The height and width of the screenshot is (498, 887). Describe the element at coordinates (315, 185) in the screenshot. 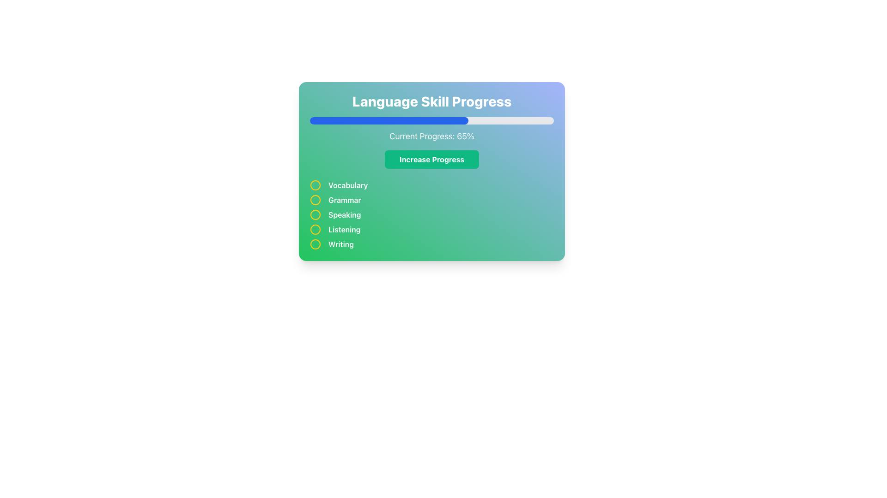

I see `properties of the first graphical circle in the vertical list associated with the 'Vocabulary' entry` at that location.